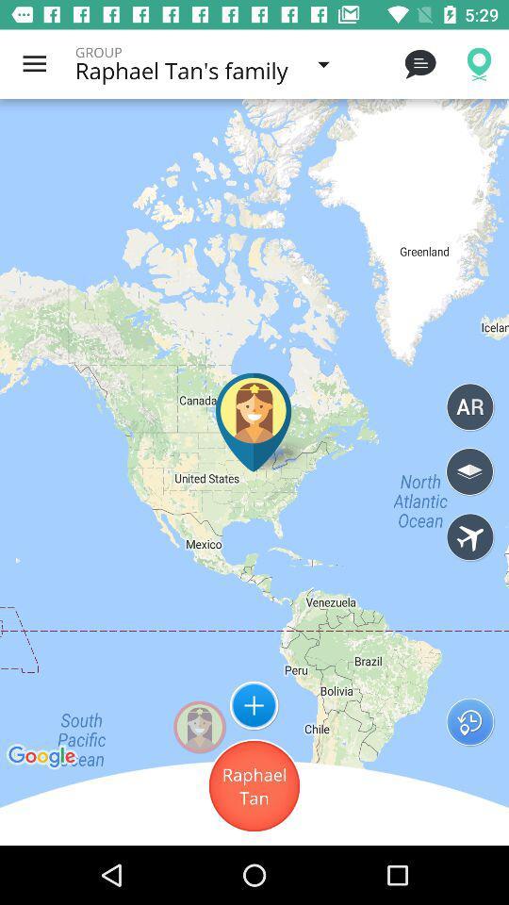 The image size is (509, 905). What do you see at coordinates (254, 786) in the screenshot?
I see `the raphael tan below  the icon` at bounding box center [254, 786].